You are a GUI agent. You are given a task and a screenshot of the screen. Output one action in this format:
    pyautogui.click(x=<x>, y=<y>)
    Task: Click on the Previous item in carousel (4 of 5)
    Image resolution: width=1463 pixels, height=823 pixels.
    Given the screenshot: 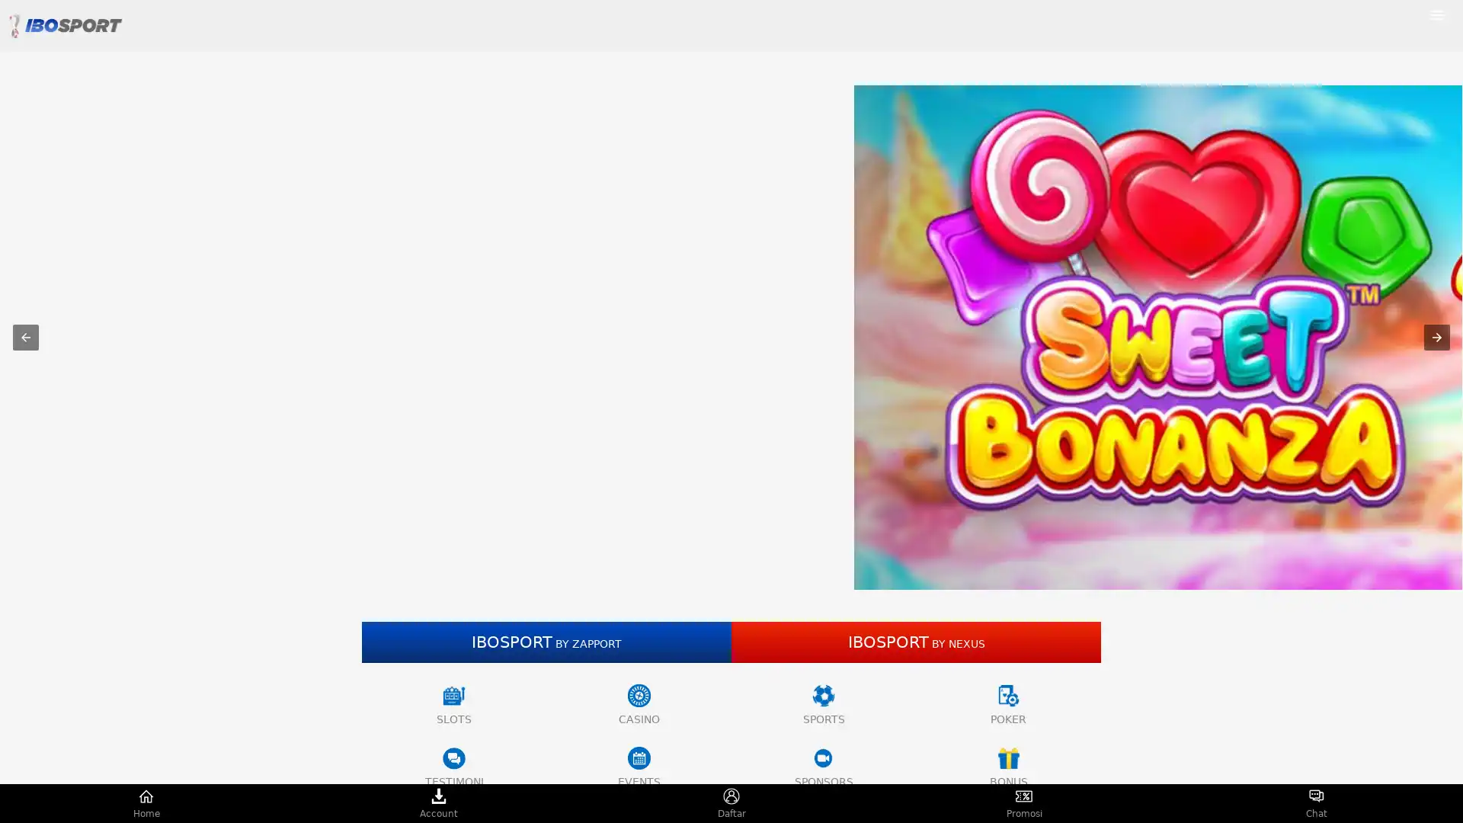 What is the action you would take?
    pyautogui.click(x=25, y=337)
    